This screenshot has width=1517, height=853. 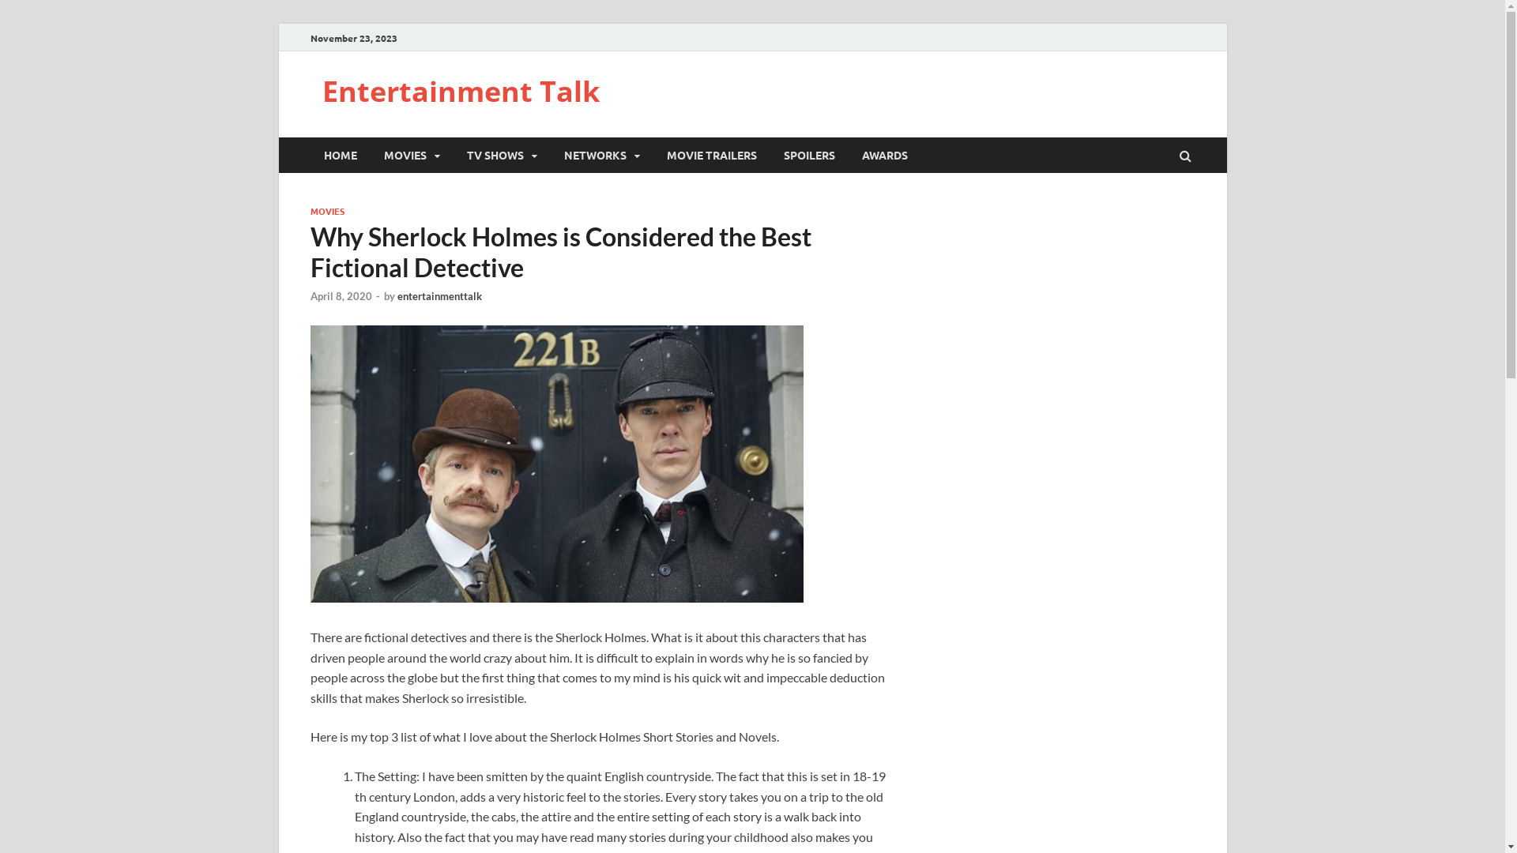 What do you see at coordinates (411, 155) in the screenshot?
I see `'MOVIES'` at bounding box center [411, 155].